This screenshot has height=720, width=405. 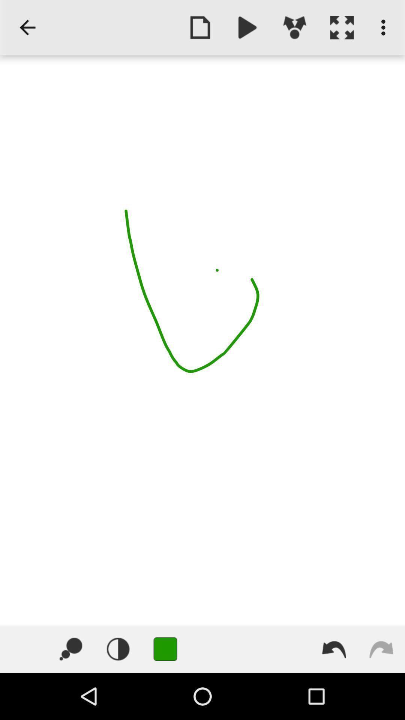 I want to click on the redo icon, so click(x=381, y=649).